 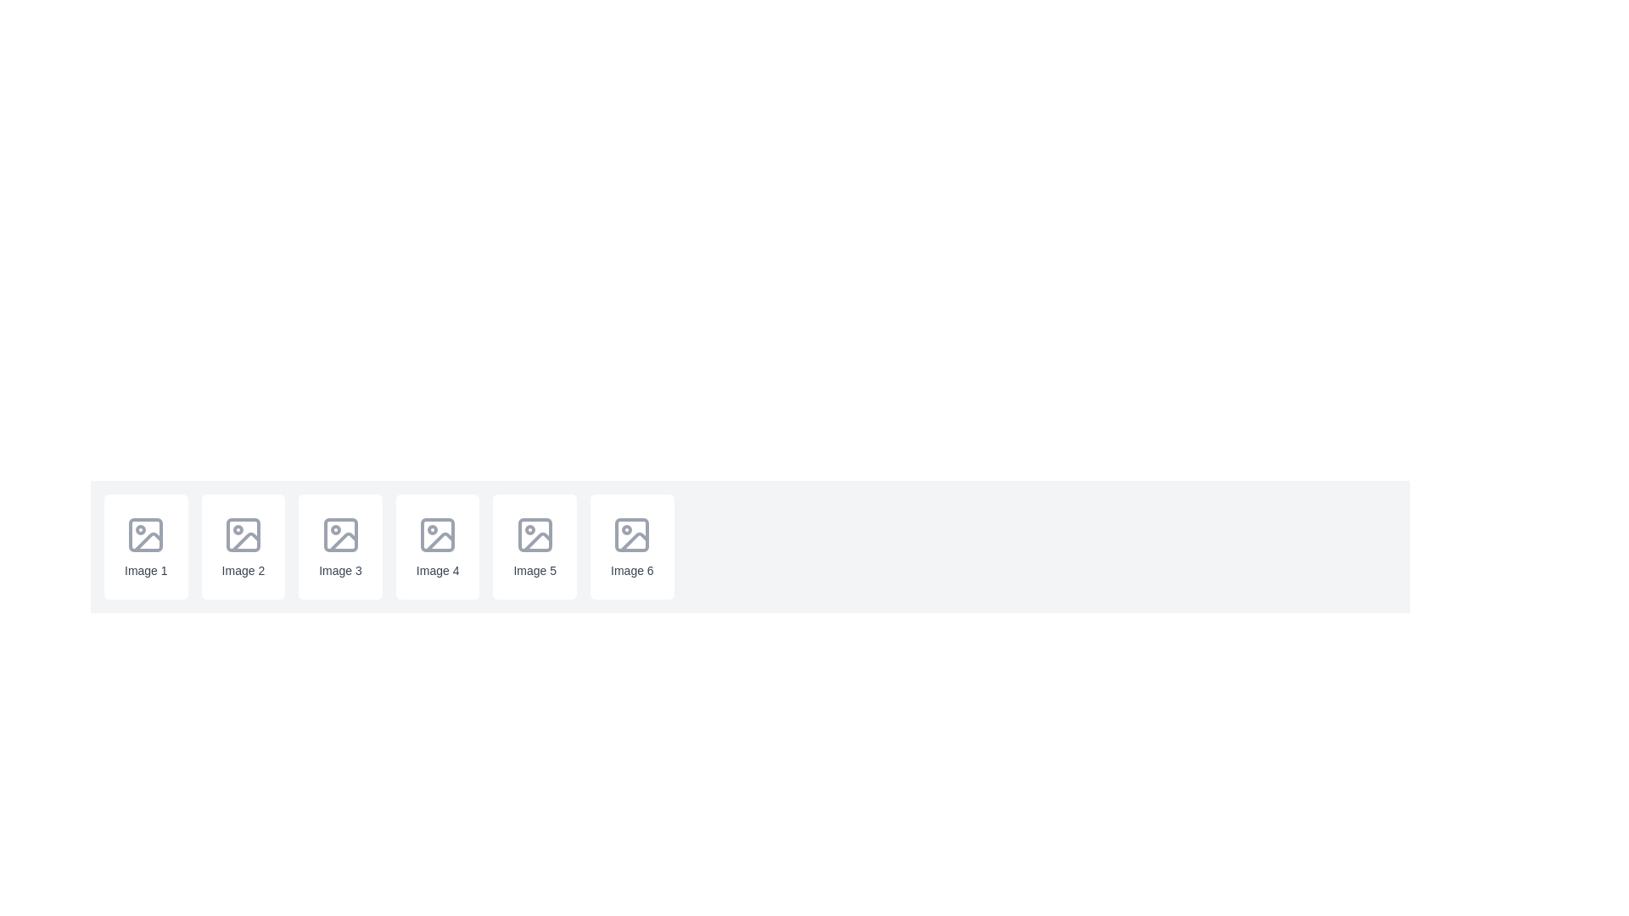 I want to click on the button labeled 'Image 1', which is the first card in a horizontal row of six similar cards located in the middle lower section of the interface, so click(x=146, y=546).